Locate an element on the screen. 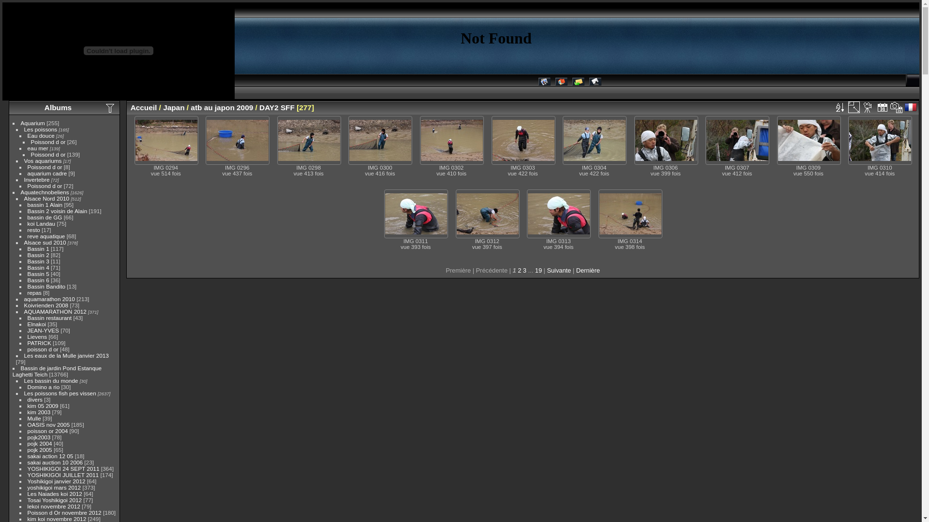 This screenshot has height=522, width=929. 'AQUAMARATHON 2012' is located at coordinates (55, 311).